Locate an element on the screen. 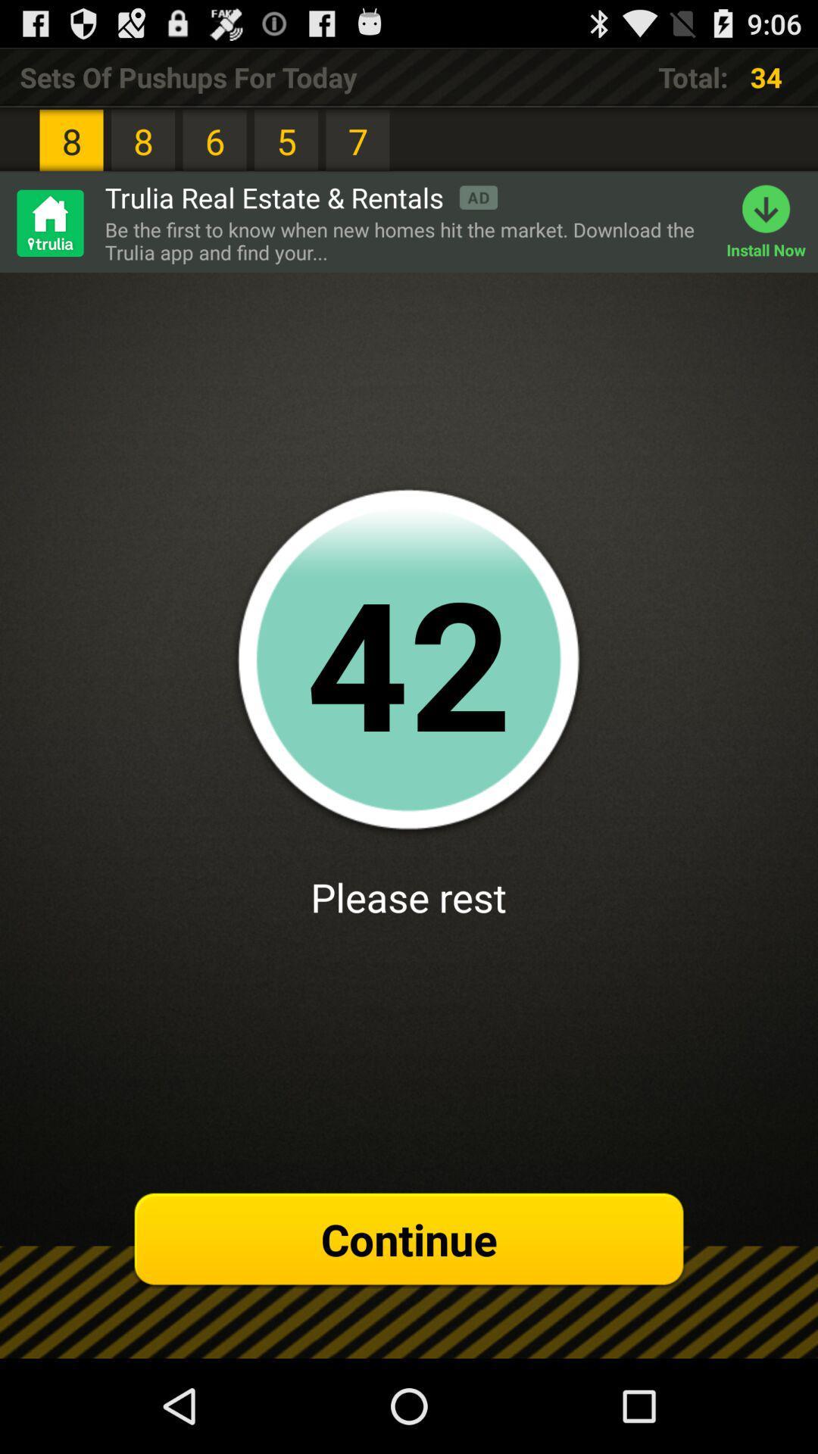 Image resolution: width=818 pixels, height=1454 pixels. the icon below the 8 icon is located at coordinates (301, 196).